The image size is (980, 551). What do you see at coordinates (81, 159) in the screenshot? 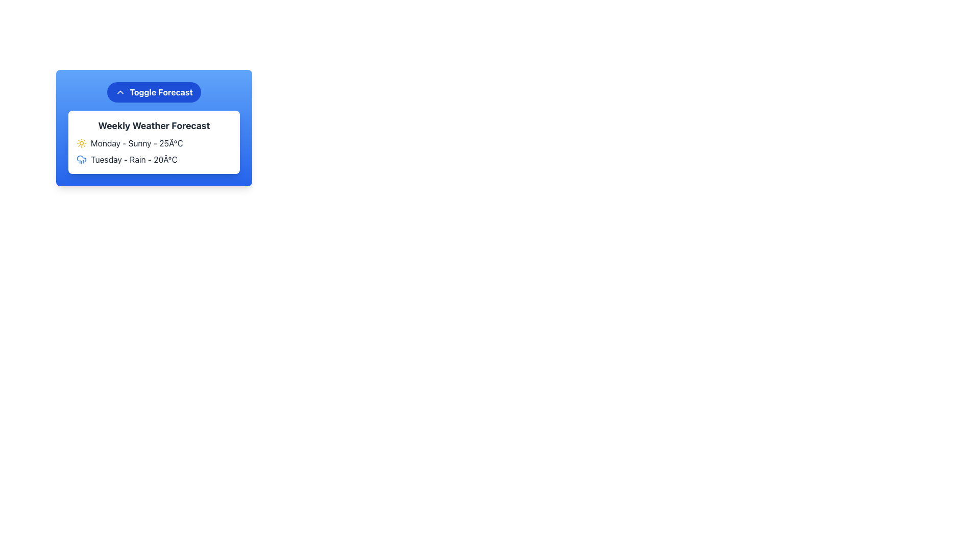
I see `the small blue cloud with rain icon located to the left of the text 'Tuesday - Rain - 20°C', which is the second icon in the 'Weekly Weather Forecast' section` at bounding box center [81, 159].